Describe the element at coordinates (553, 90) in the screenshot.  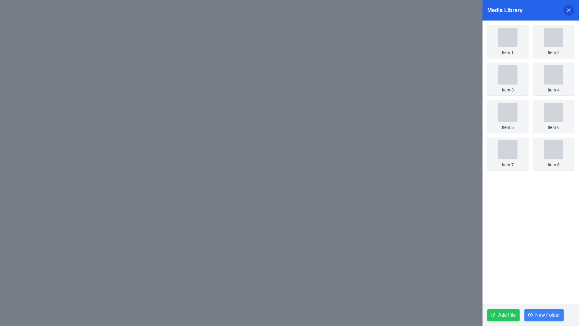
I see `the text label displaying 'Item 4' in the 'Media Library' section, located beneath the fourth item in the grid layout` at that location.